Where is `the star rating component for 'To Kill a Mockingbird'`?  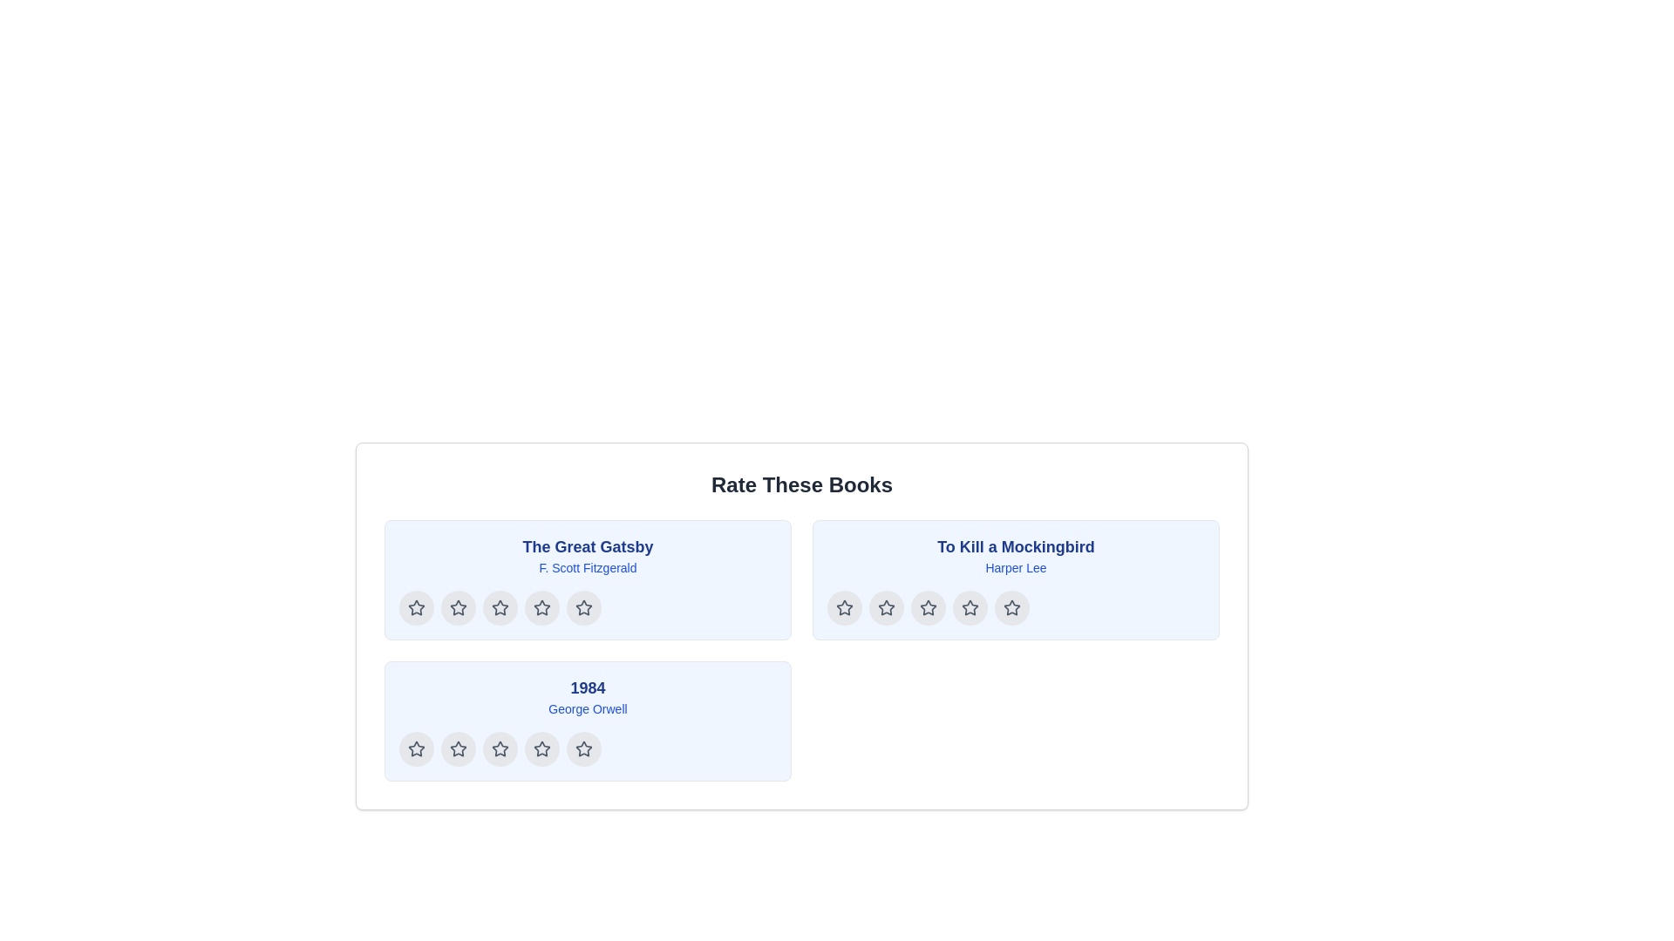 the star rating component for 'To Kill a Mockingbird' is located at coordinates (1016, 607).